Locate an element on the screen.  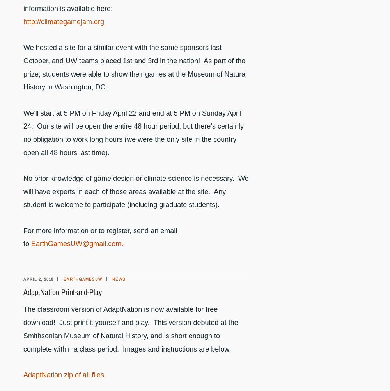
'The classroom version of AdaptNation is now available for free download!  Just print it yourself and play.  This version debuted at the Smithsonian Museum of Natural History, and is short enough to complete within a class period.  Images and instructions are below.' is located at coordinates (130, 329).